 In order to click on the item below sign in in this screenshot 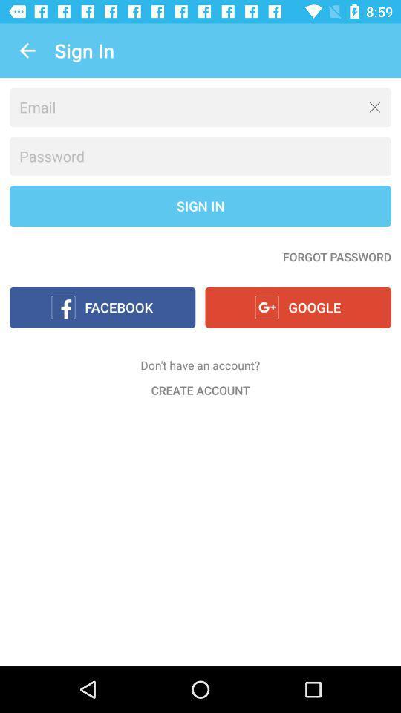, I will do `click(336, 256)`.